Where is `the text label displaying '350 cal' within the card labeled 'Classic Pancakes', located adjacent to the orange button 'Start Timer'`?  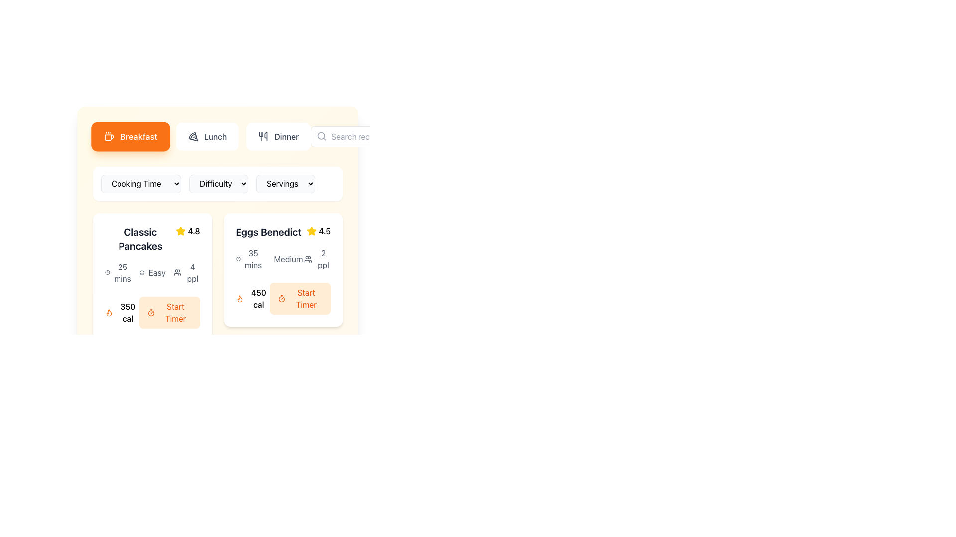
the text label displaying '350 cal' within the card labeled 'Classic Pancakes', located adjacent to the orange button 'Start Timer' is located at coordinates (127, 312).